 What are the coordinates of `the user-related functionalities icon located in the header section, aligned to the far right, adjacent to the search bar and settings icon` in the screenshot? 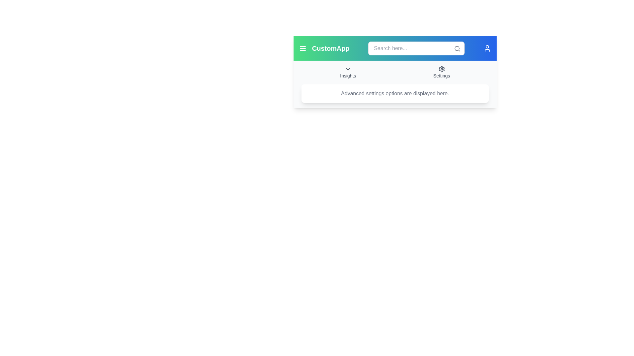 It's located at (487, 48).